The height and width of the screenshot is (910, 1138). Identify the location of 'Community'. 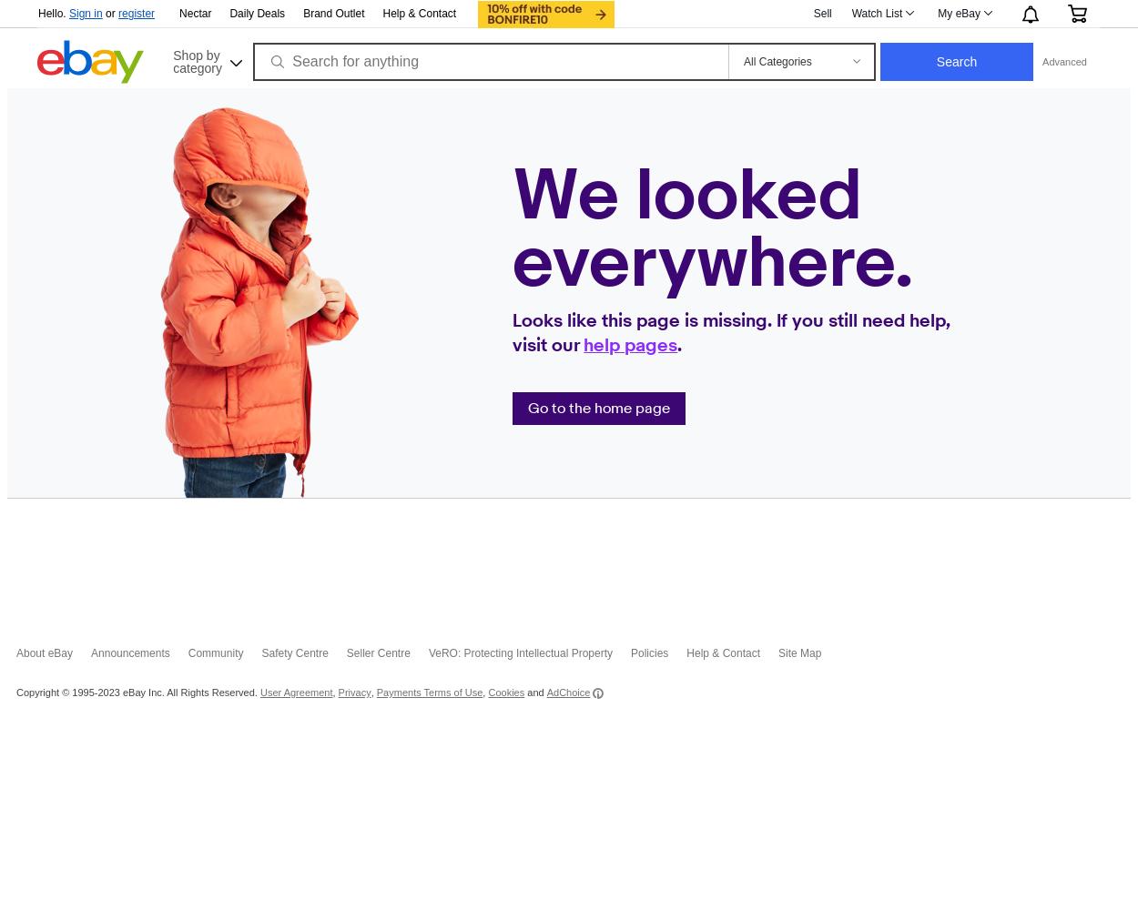
(214, 652).